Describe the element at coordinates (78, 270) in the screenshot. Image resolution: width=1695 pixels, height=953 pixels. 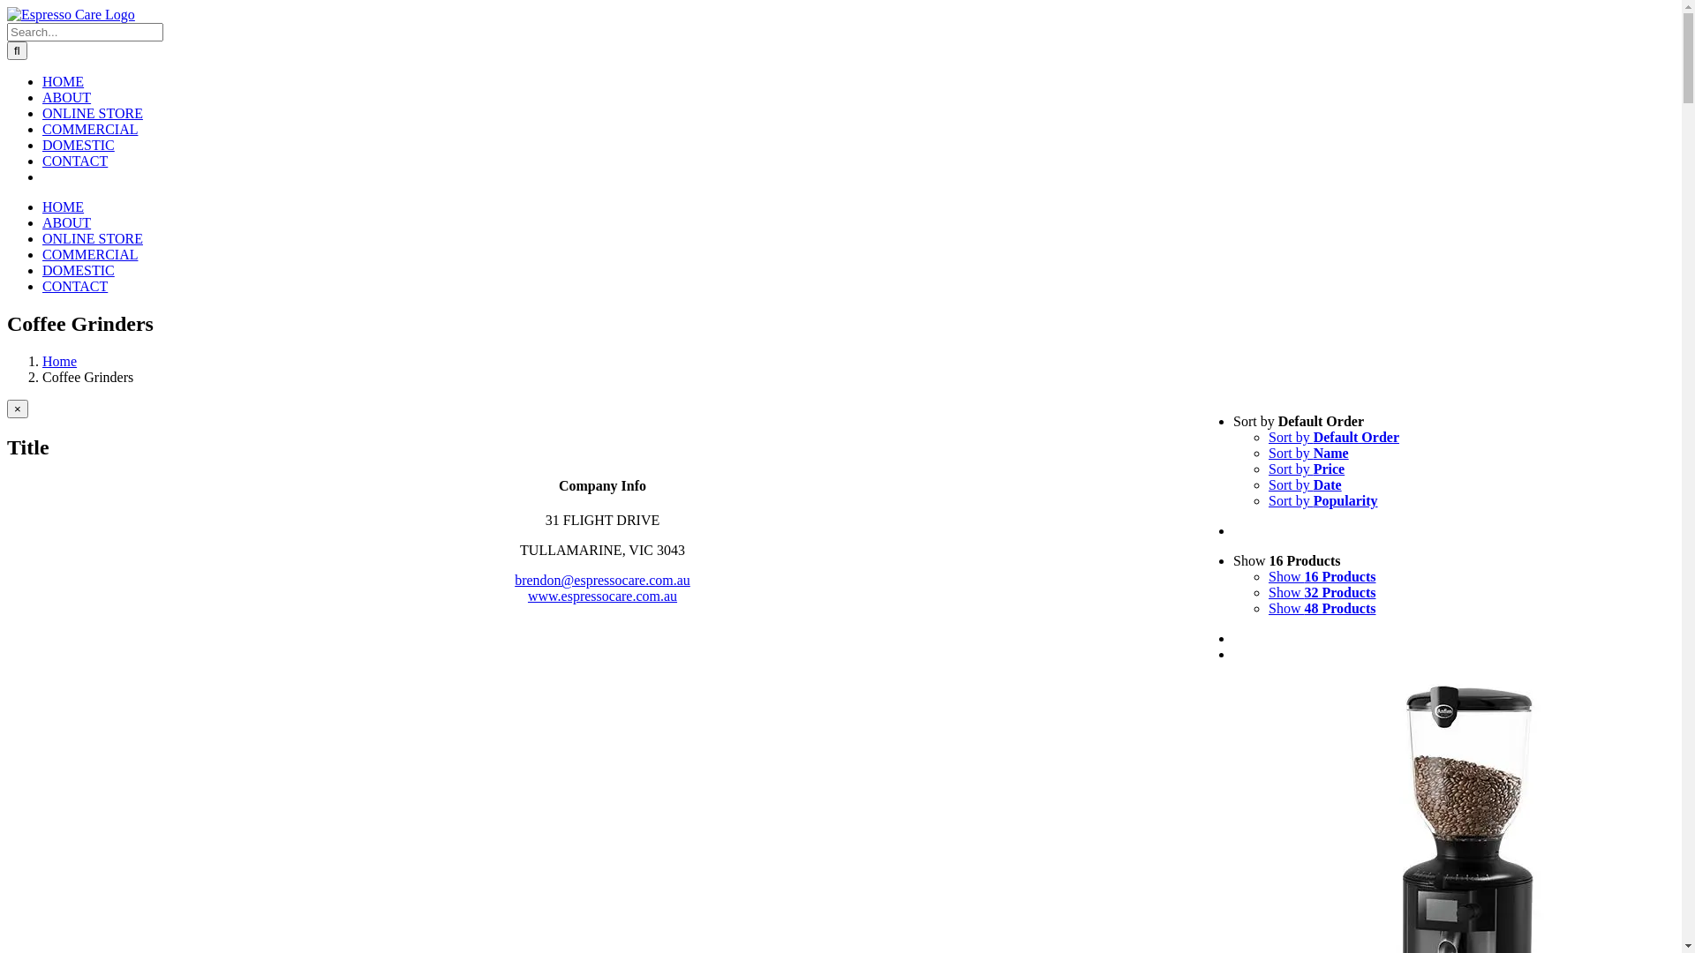
I see `'DOMESTIC'` at that location.